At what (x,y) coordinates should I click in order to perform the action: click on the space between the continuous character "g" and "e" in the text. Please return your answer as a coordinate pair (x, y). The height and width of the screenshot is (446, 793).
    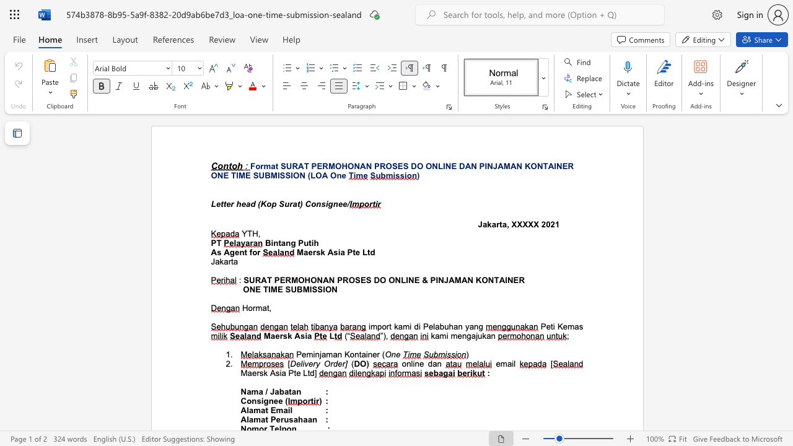
    Looking at the image, I should click on (234, 251).